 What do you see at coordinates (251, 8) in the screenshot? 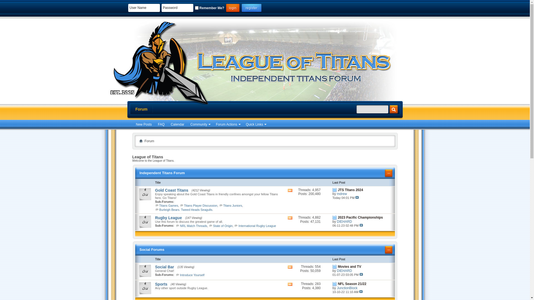
I see `'Register'` at bounding box center [251, 8].